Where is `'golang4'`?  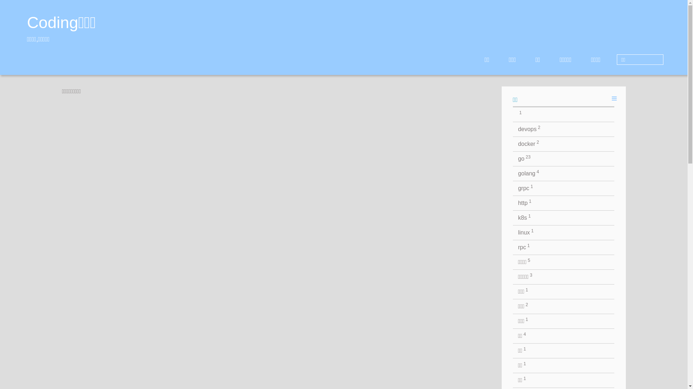 'golang4' is located at coordinates (563, 174).